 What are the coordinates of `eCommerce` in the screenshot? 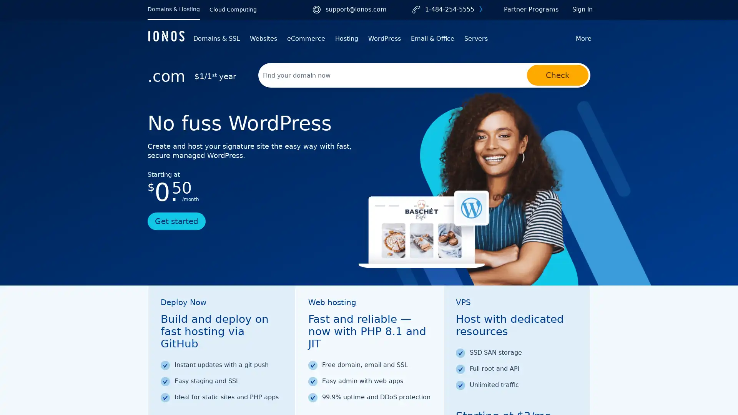 It's located at (301, 38).